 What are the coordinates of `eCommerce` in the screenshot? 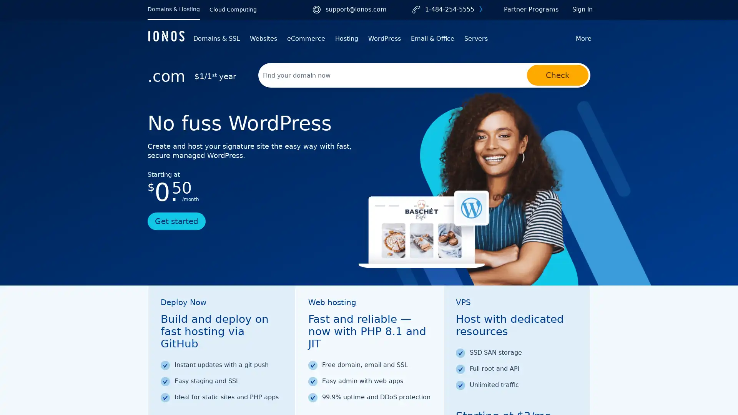 It's located at (301, 38).